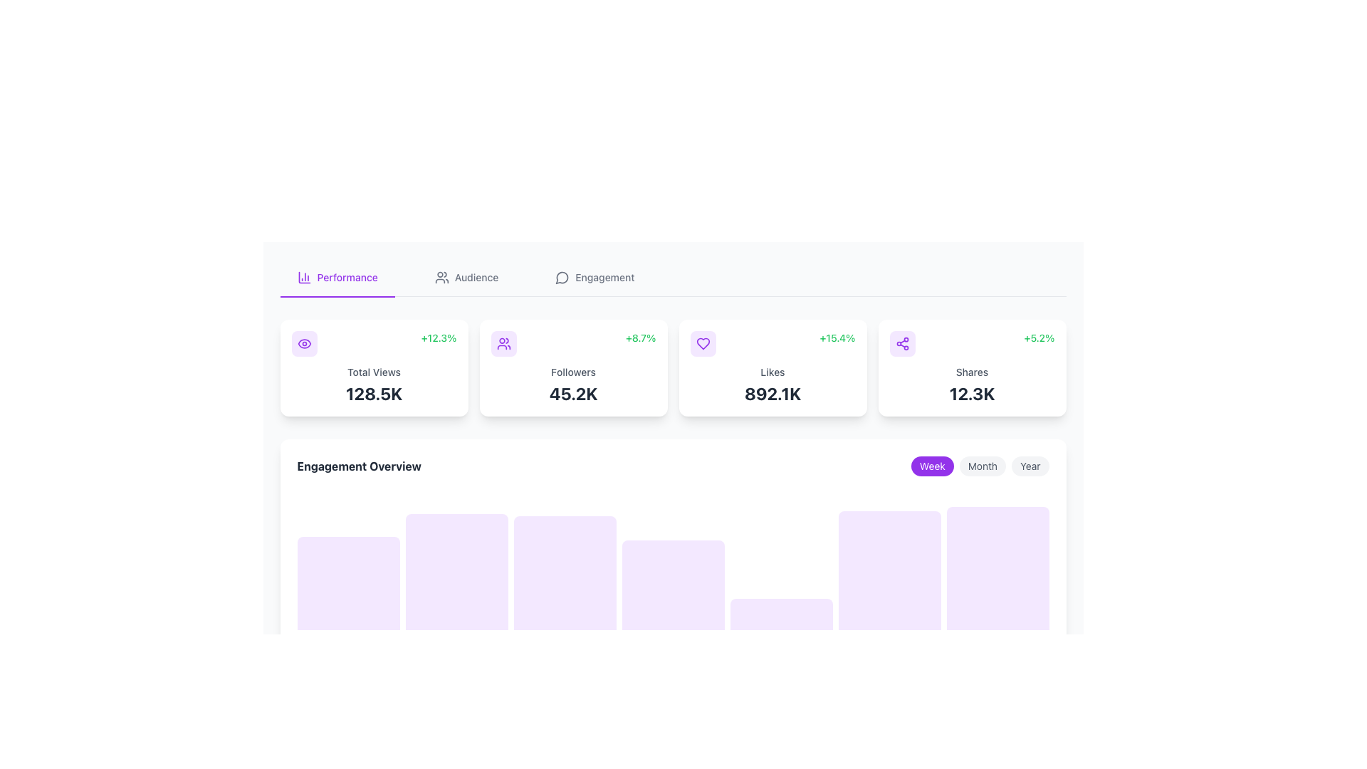 The image size is (1367, 769). Describe the element at coordinates (503, 343) in the screenshot. I see `the purple-colored icon depicting two user silhouettes located in the second panel, which is positioned between the 'Total Views' card and the 'Likes' card` at that location.